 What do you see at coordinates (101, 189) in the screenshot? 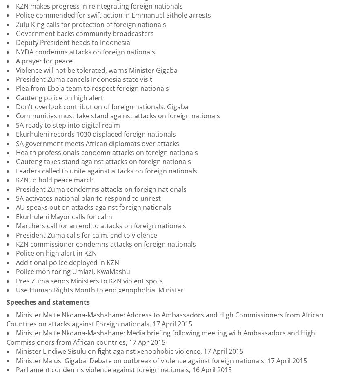
I see `'President Zuma condemns attacks on foreign nationals'` at bounding box center [101, 189].